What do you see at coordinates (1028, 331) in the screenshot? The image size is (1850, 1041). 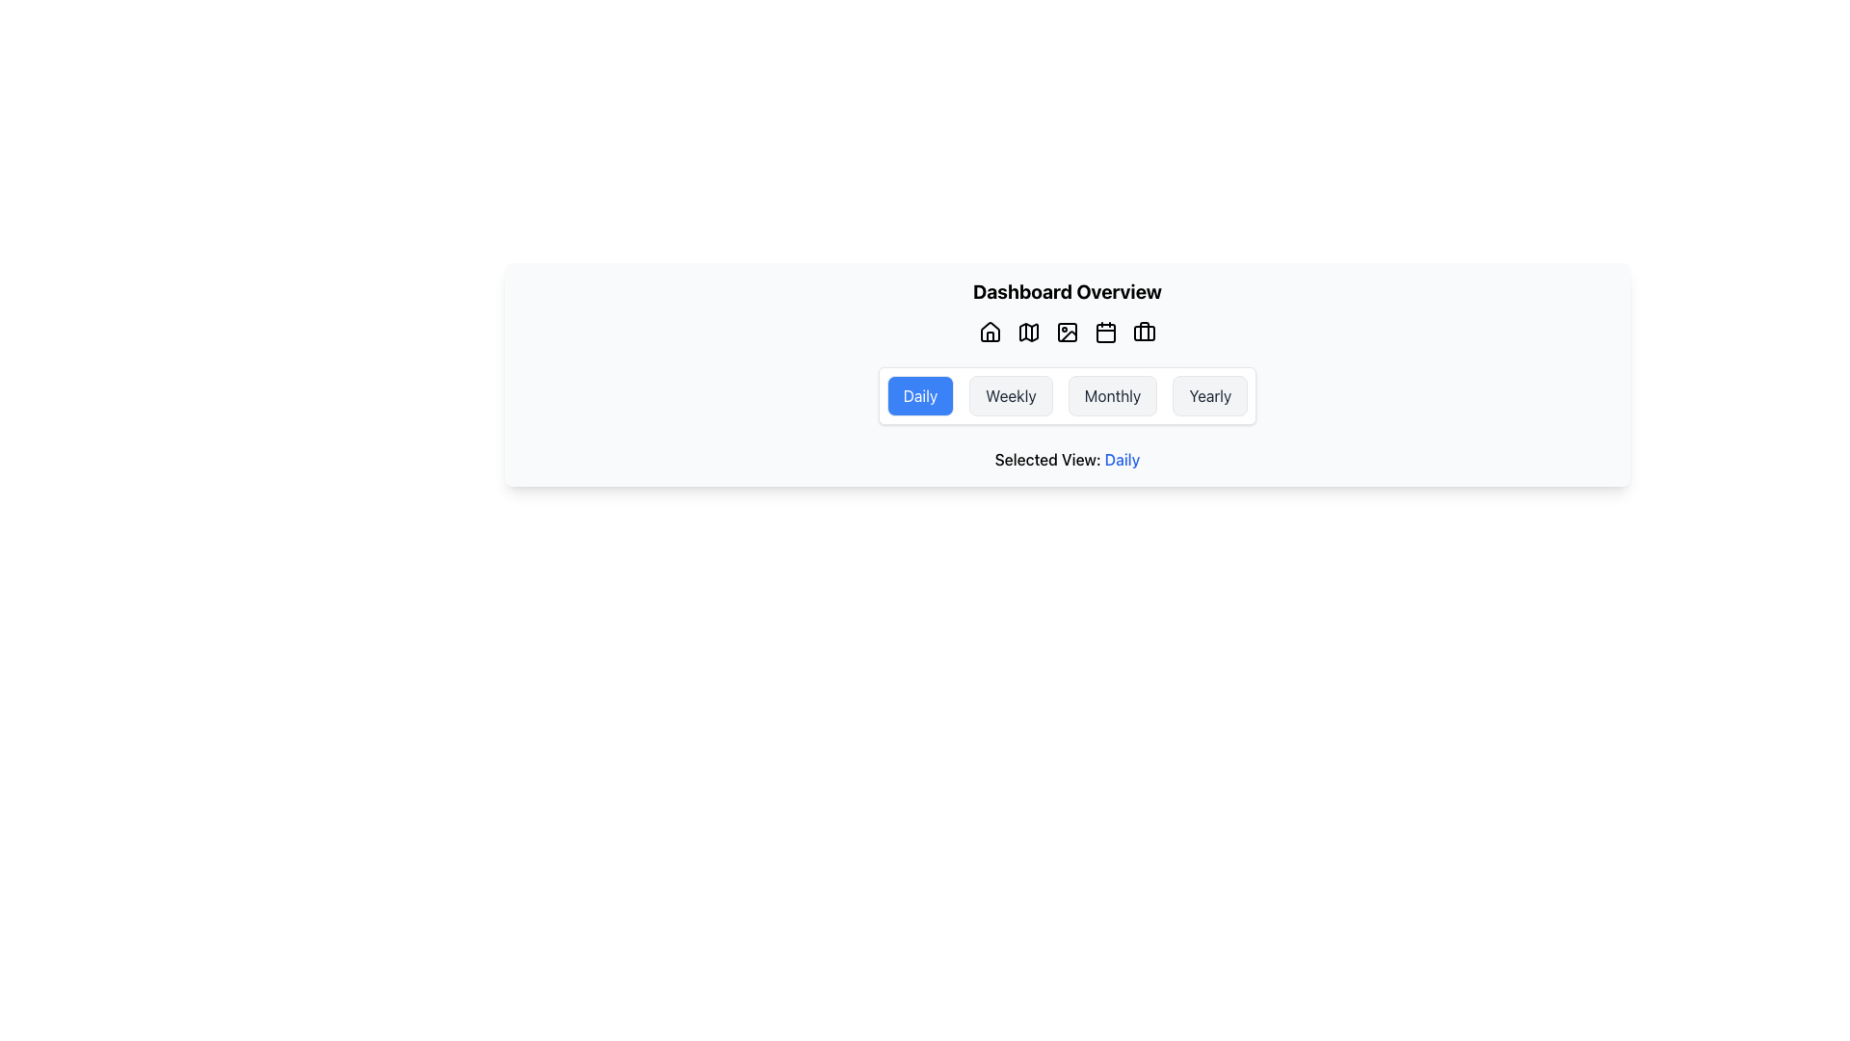 I see `the navigation button located as the second icon from the left under the 'Dashboard Overview' header` at bounding box center [1028, 331].